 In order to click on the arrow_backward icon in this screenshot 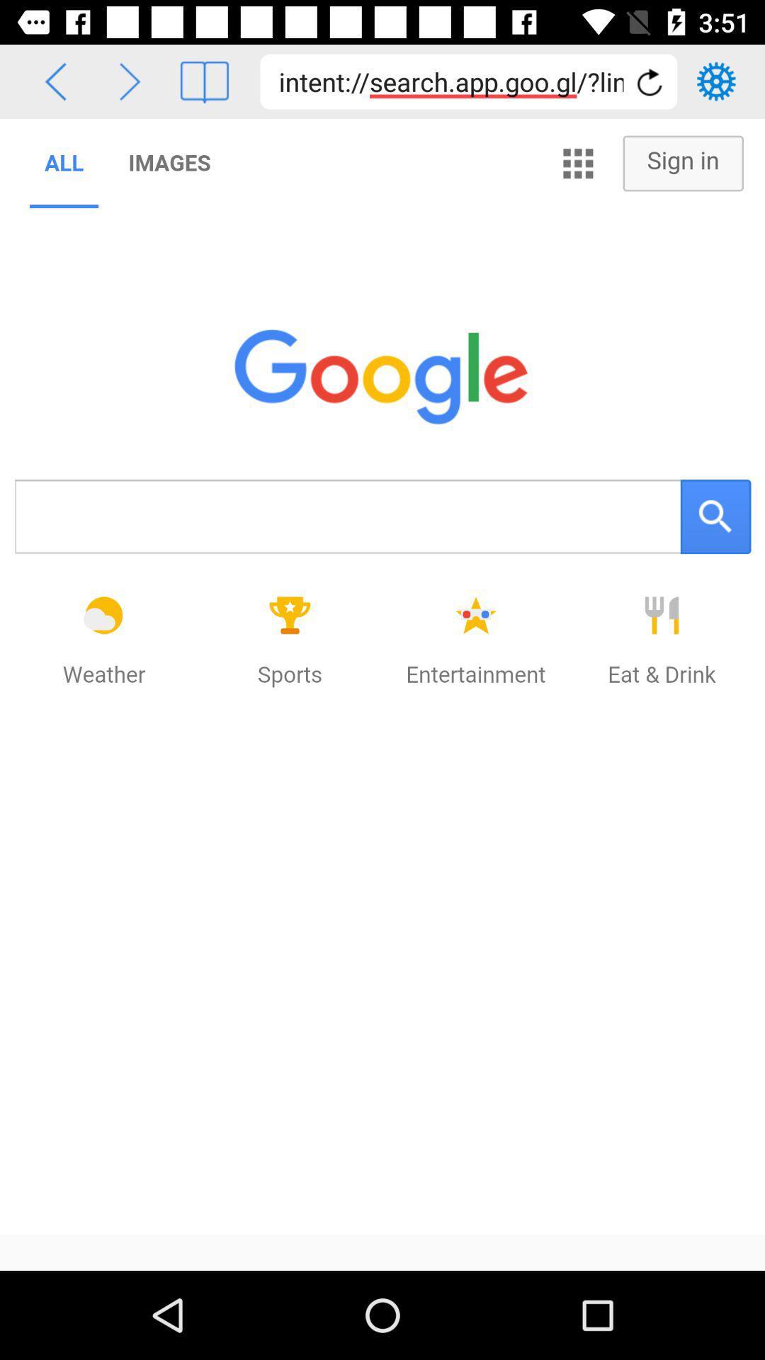, I will do `click(55, 81)`.